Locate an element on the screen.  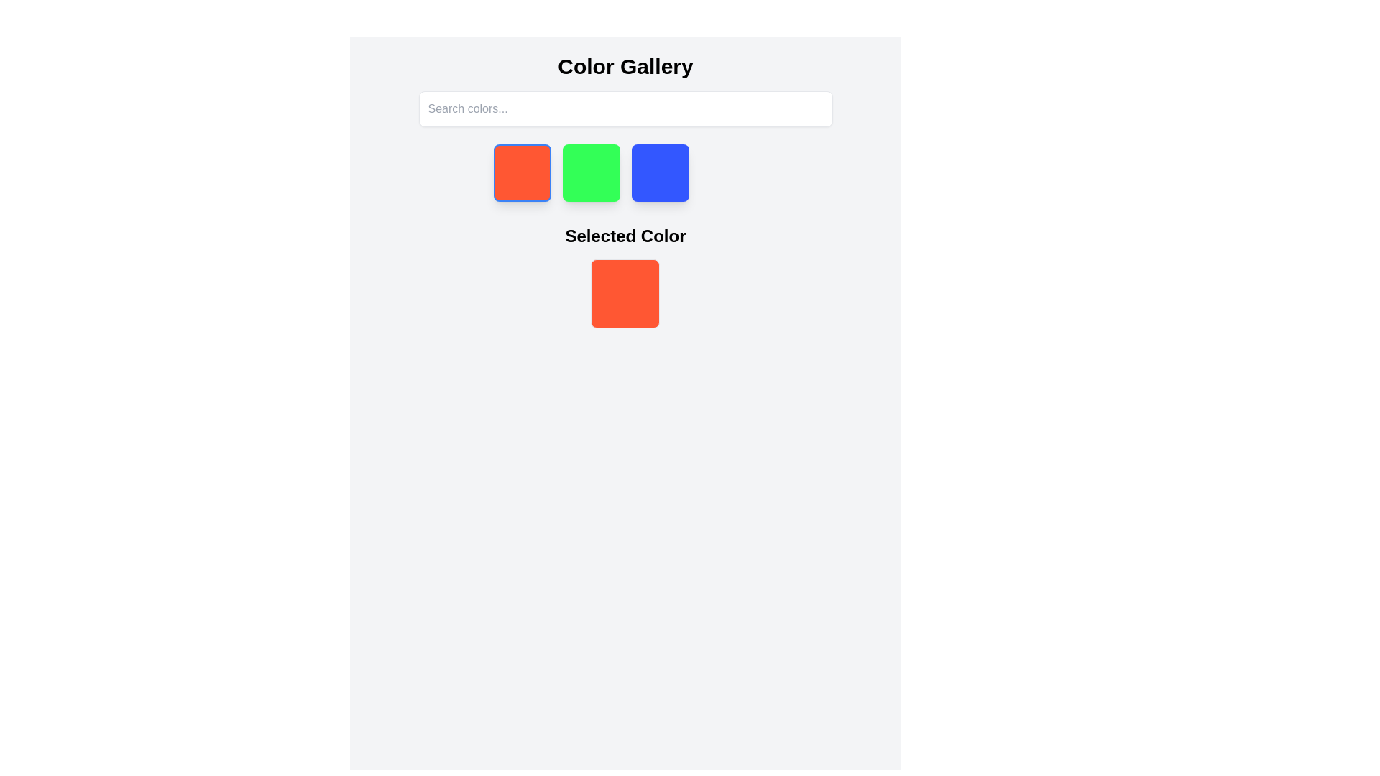
the first selectable tile in the Color Gallery is located at coordinates (521, 172).